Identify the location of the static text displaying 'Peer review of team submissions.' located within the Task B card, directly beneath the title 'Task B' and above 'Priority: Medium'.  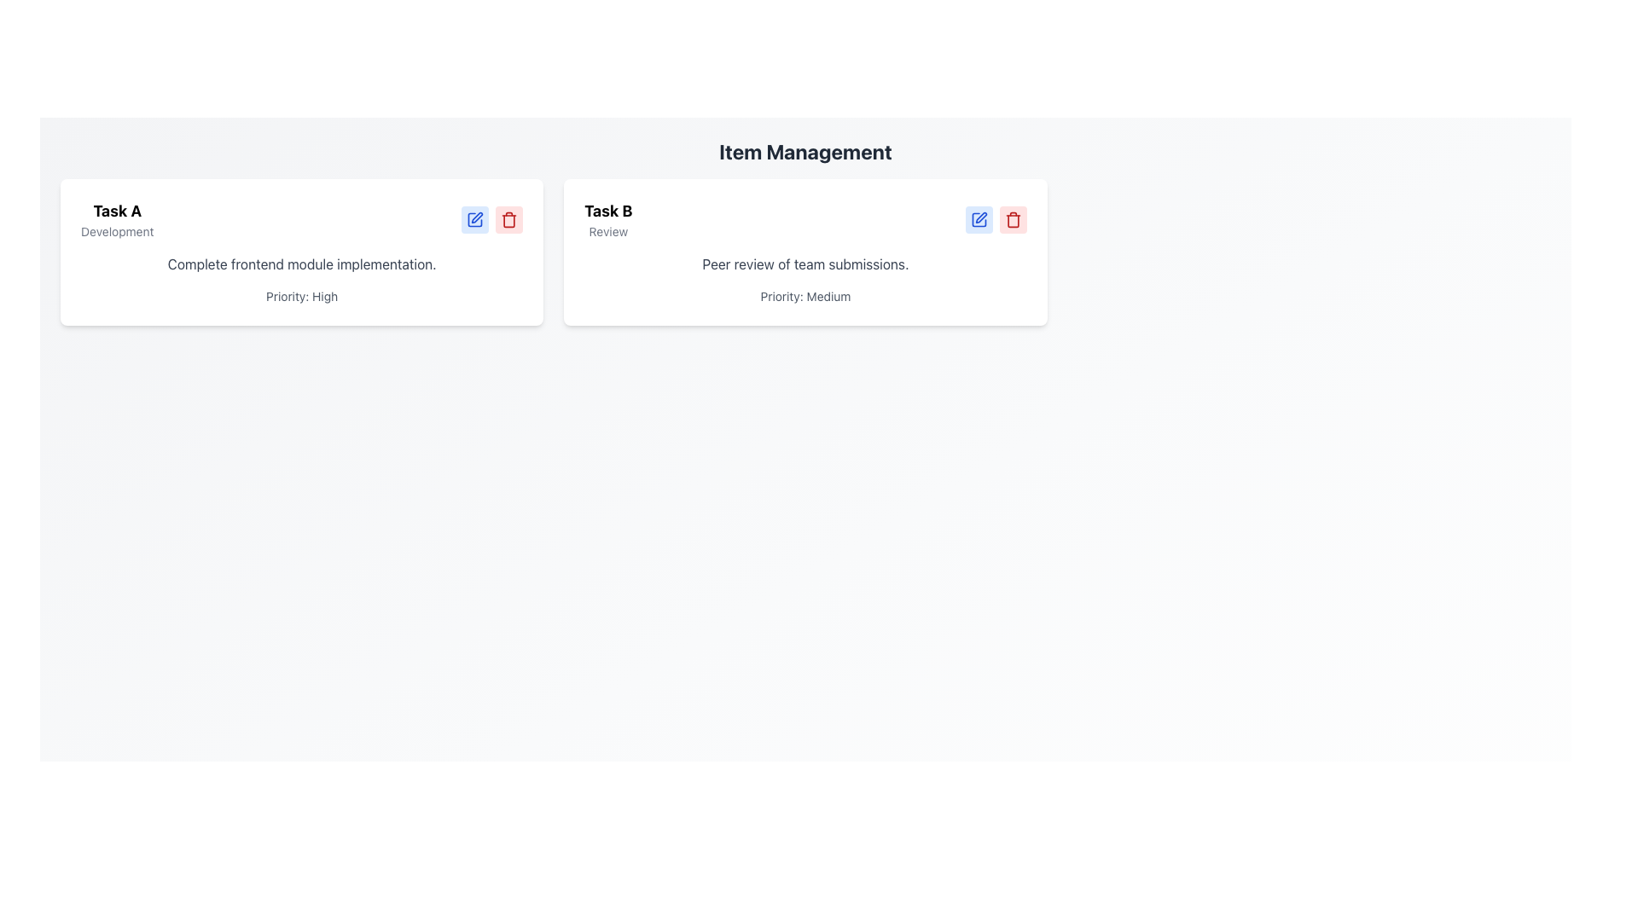
(804, 264).